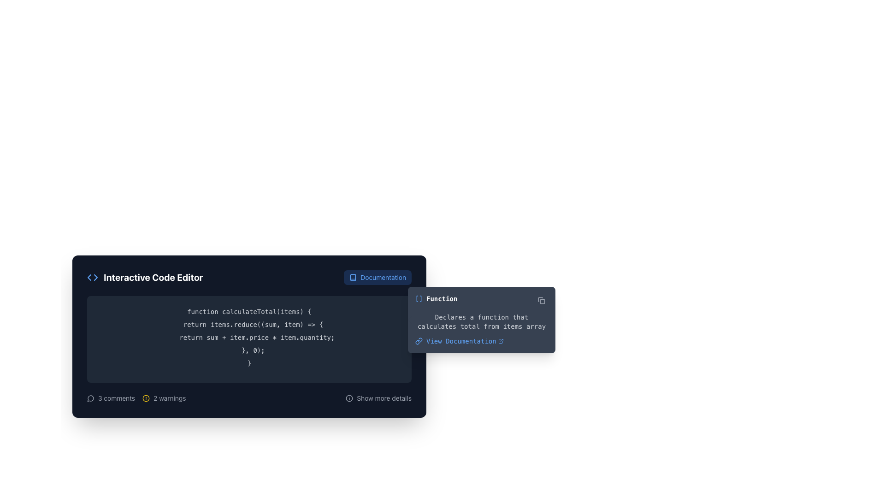  What do you see at coordinates (249, 324) in the screenshot?
I see `the second visible line in the code block that displays the JavaScript code statement 'return items.reduce((sum, item) => {', located in the Interactive Code Editor` at bounding box center [249, 324].